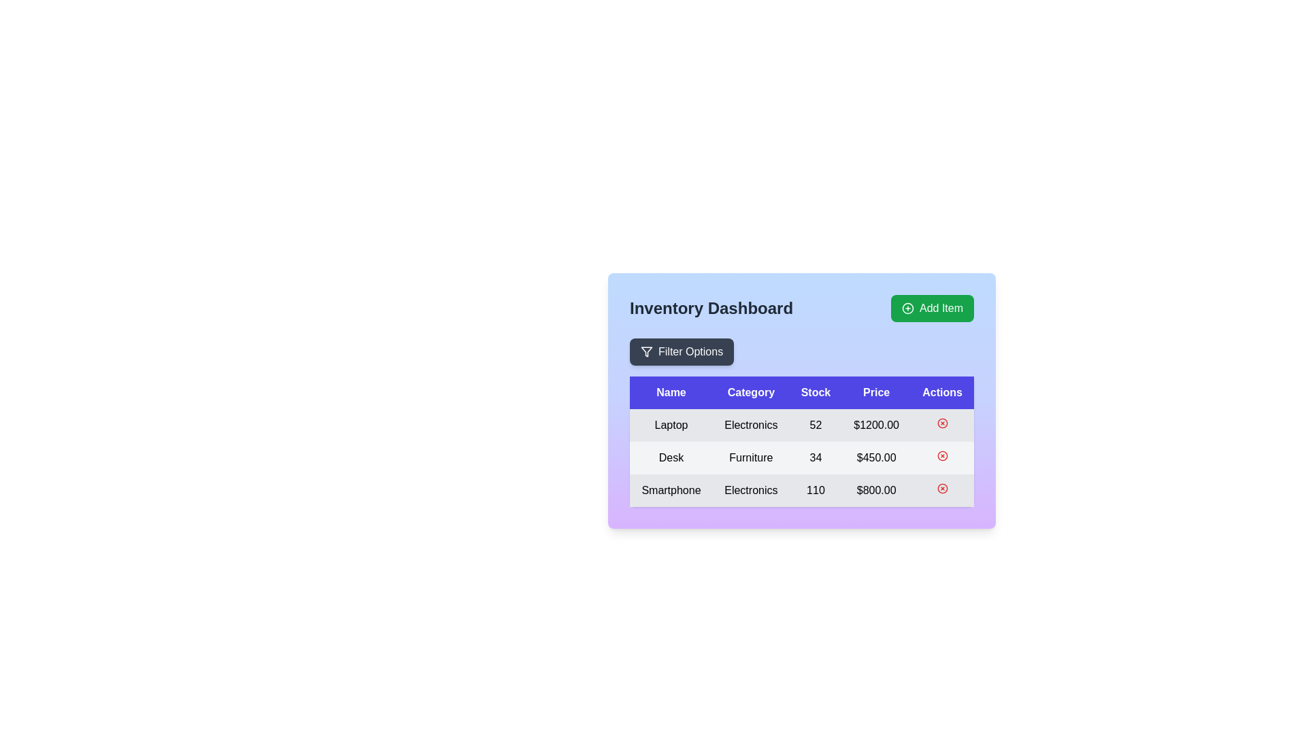 This screenshot has width=1306, height=734. What do you see at coordinates (646, 351) in the screenshot?
I see `the filter icon located within the 'Filter Options' button in the Inventory Dashboard header to observe its visual representation` at bounding box center [646, 351].